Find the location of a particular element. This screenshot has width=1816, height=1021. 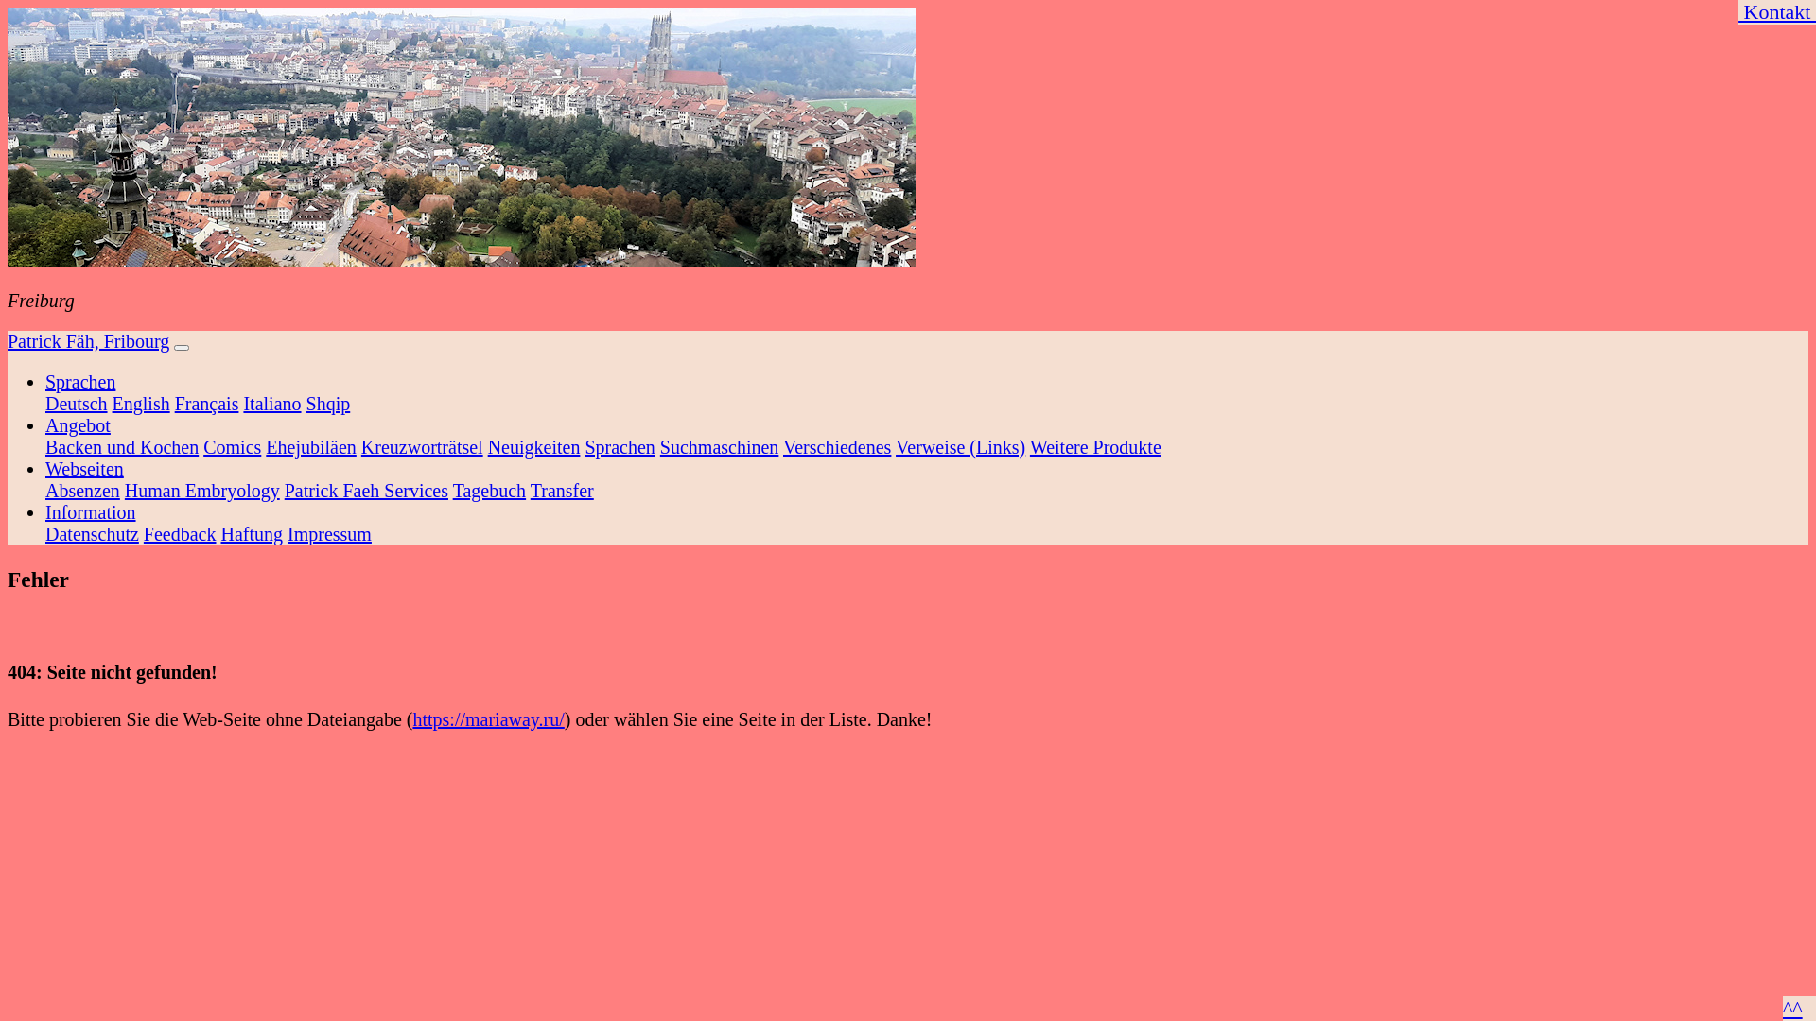

'Haftung' is located at coordinates (252, 533).